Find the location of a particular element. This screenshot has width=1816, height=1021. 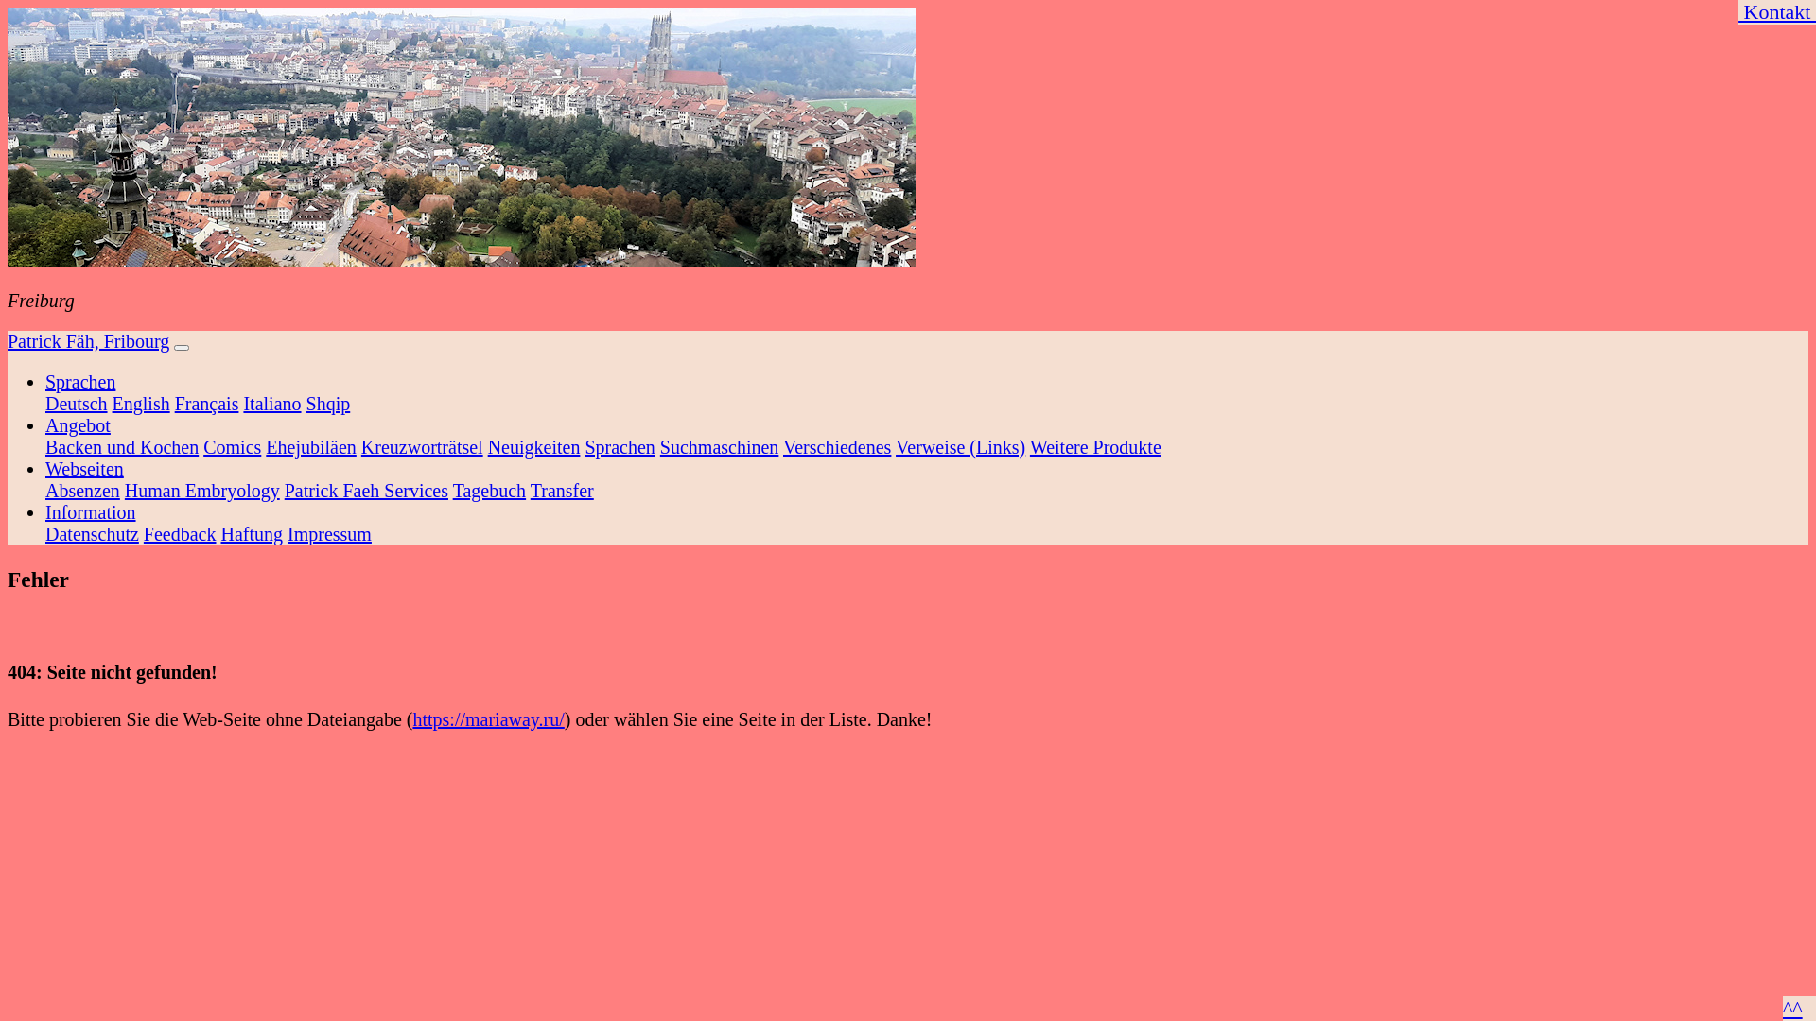

'Haftung' is located at coordinates (252, 533).